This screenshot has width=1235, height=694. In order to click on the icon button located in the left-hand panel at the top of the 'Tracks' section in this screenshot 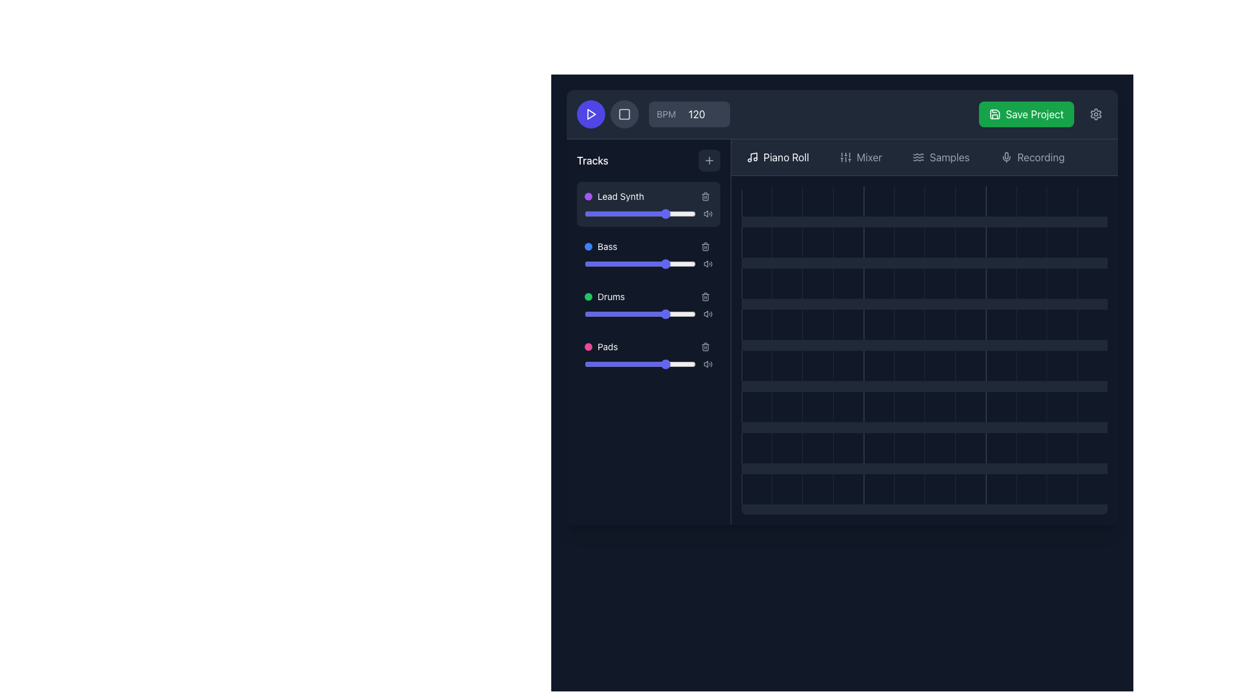, I will do `click(709, 160)`.